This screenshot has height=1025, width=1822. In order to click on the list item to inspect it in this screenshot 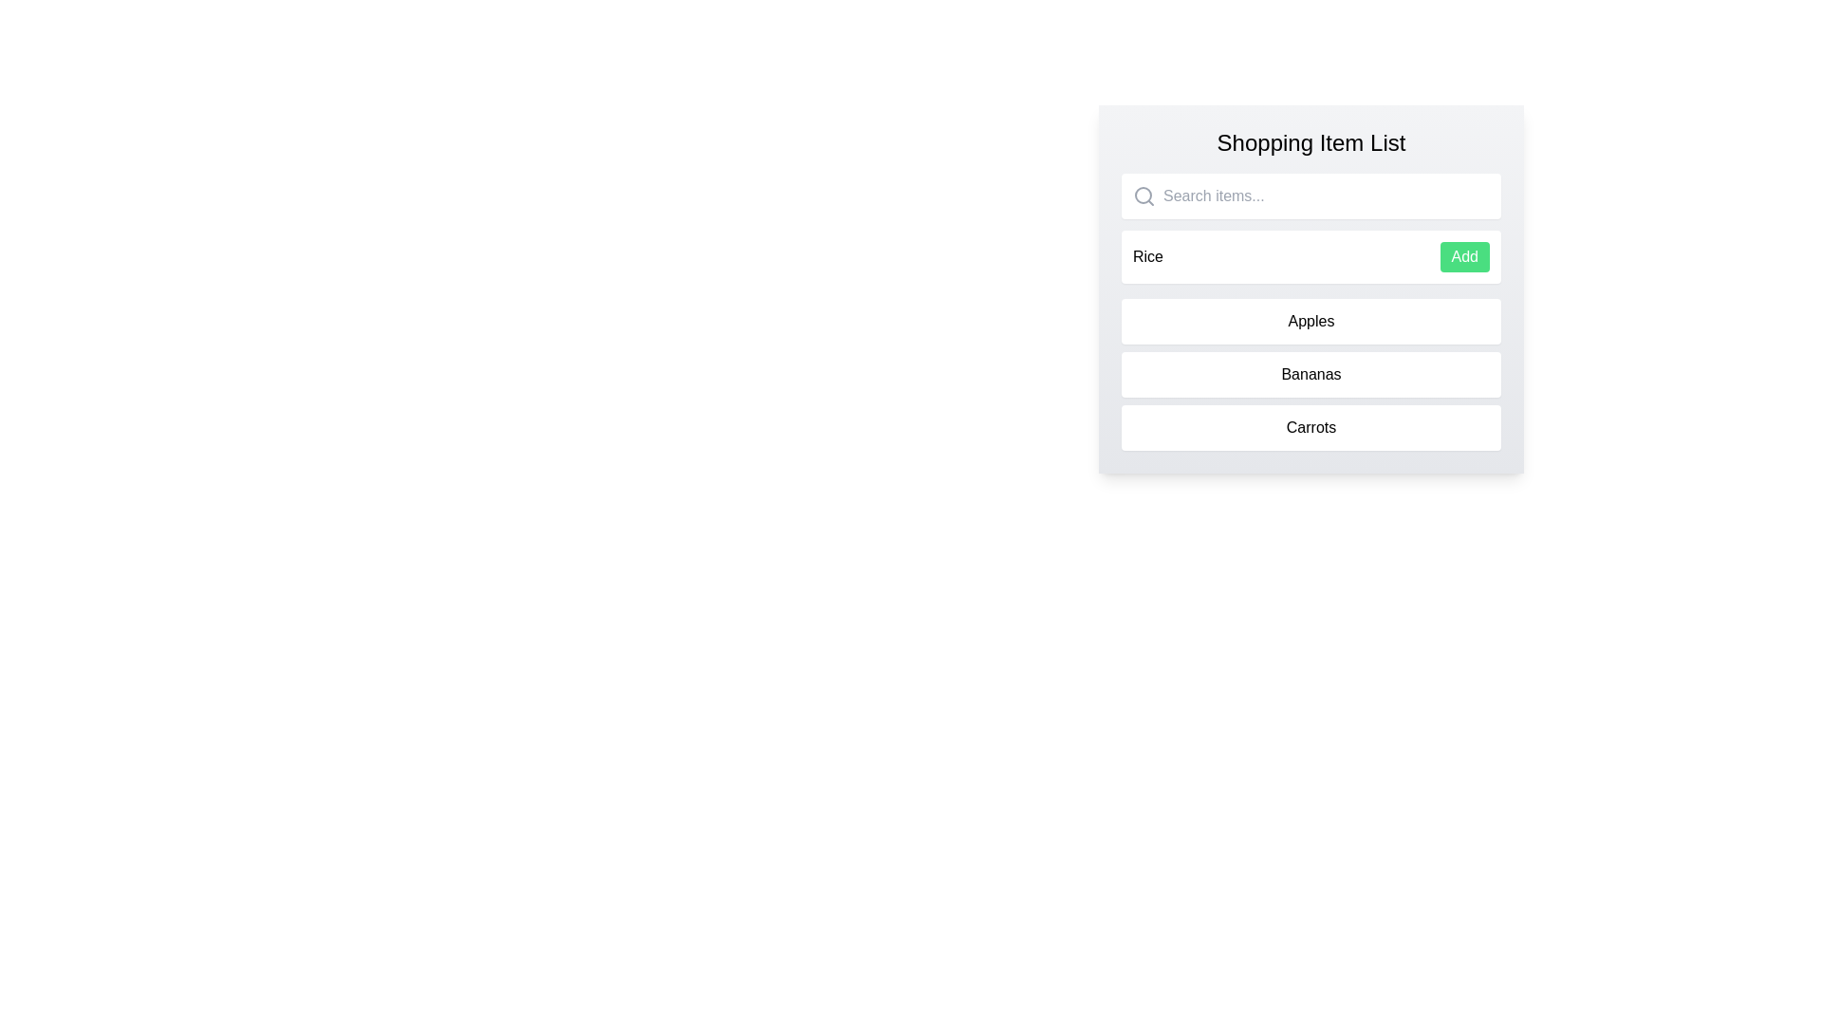, I will do `click(1311, 374)`.